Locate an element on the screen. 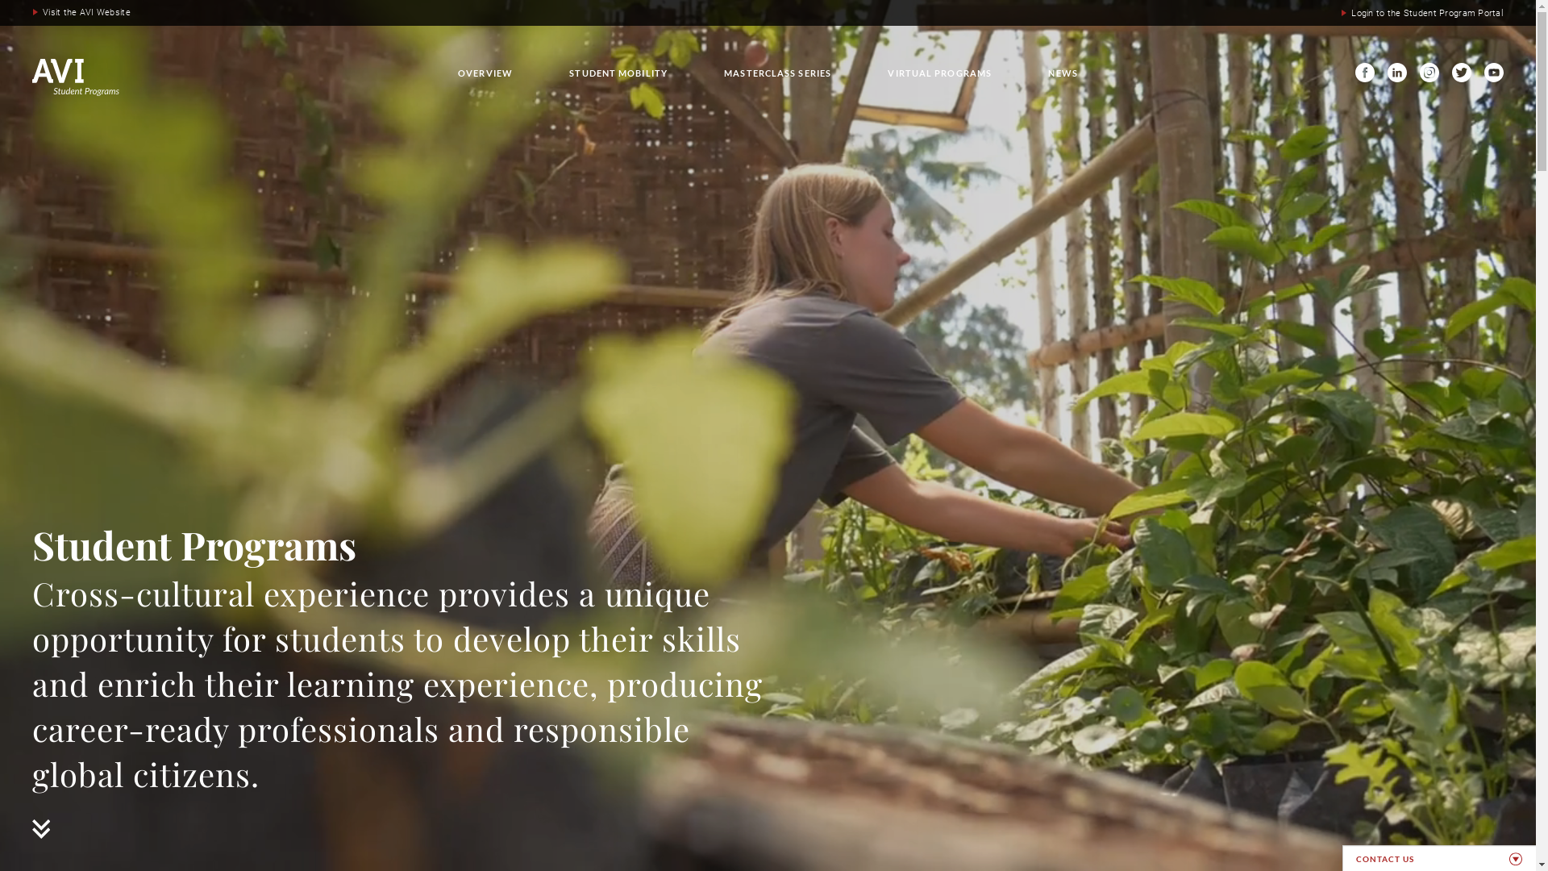  'Facebook' is located at coordinates (1354, 71).